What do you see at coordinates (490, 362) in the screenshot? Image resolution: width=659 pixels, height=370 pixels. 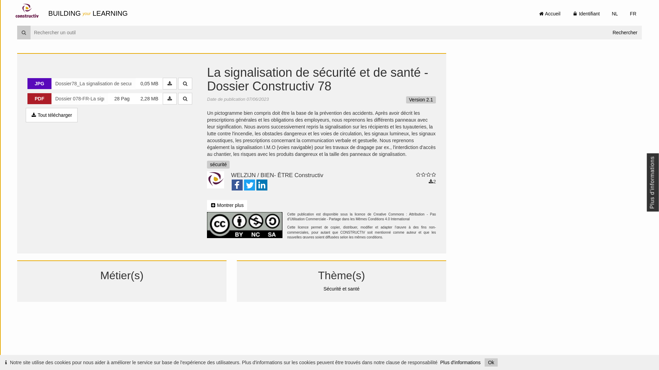 I see `'Ok'` at bounding box center [490, 362].